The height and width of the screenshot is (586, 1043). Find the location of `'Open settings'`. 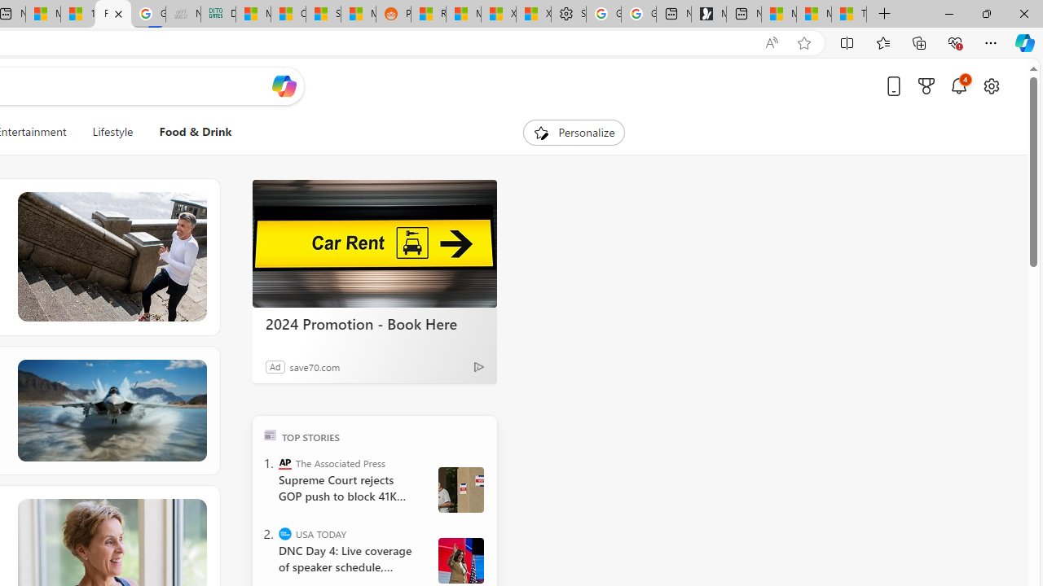

'Open settings' is located at coordinates (990, 85).